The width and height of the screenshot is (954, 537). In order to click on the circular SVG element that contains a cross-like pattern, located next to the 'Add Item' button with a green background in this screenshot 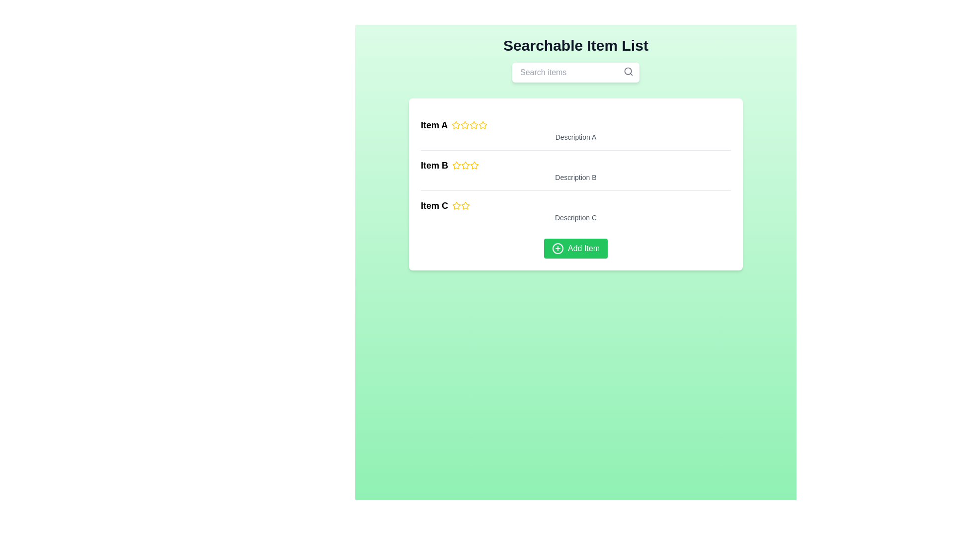, I will do `click(558, 248)`.